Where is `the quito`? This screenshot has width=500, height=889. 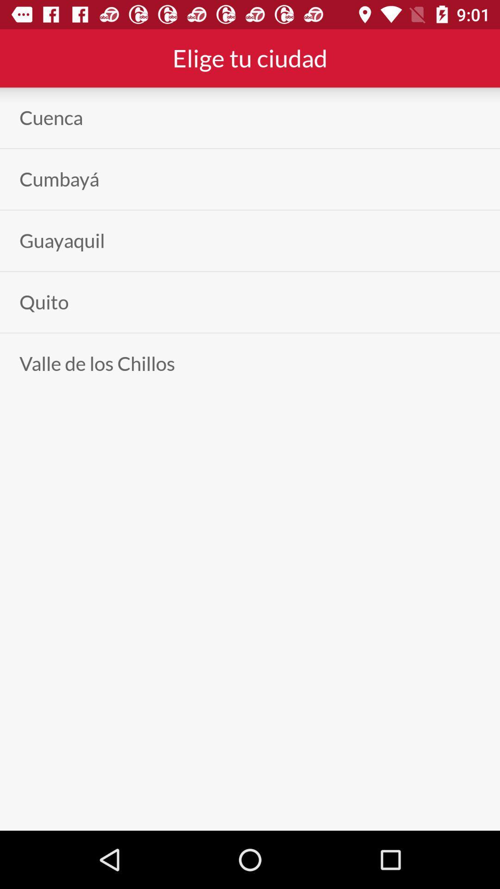 the quito is located at coordinates (44, 302).